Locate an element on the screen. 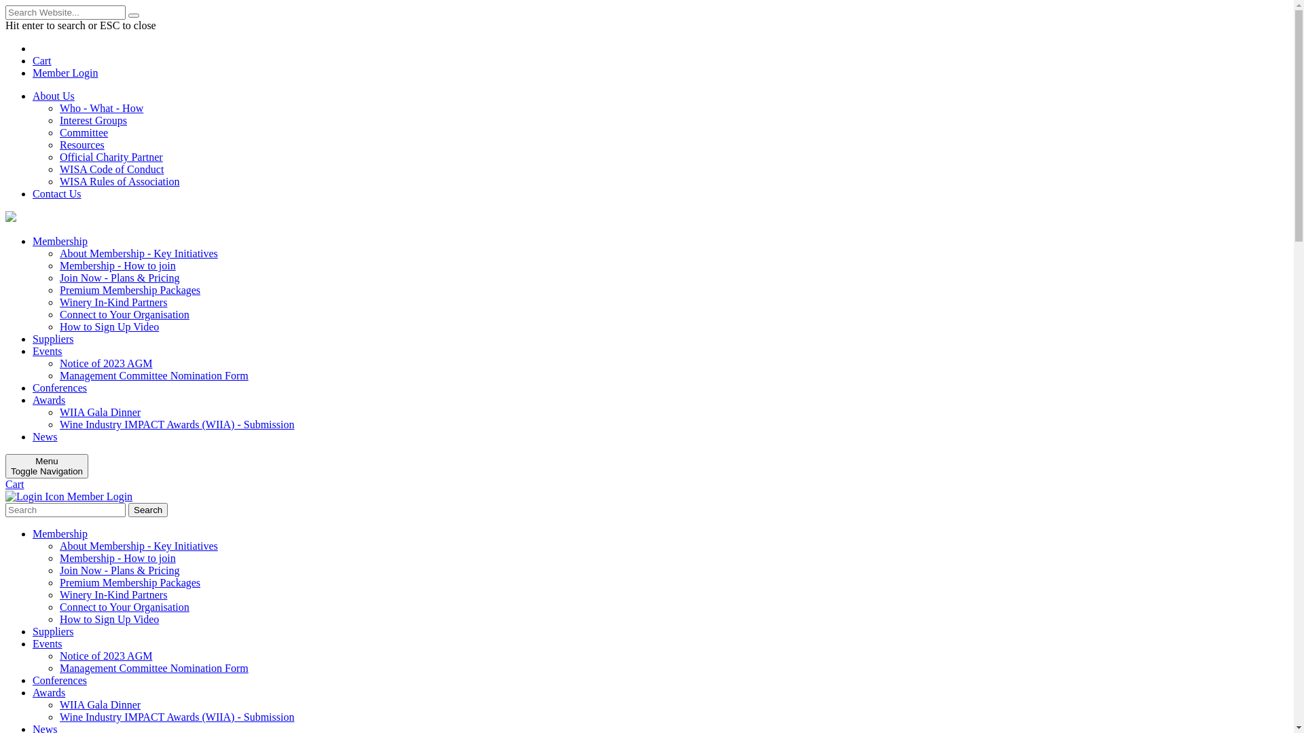  'Contact Us' is located at coordinates (56, 193).